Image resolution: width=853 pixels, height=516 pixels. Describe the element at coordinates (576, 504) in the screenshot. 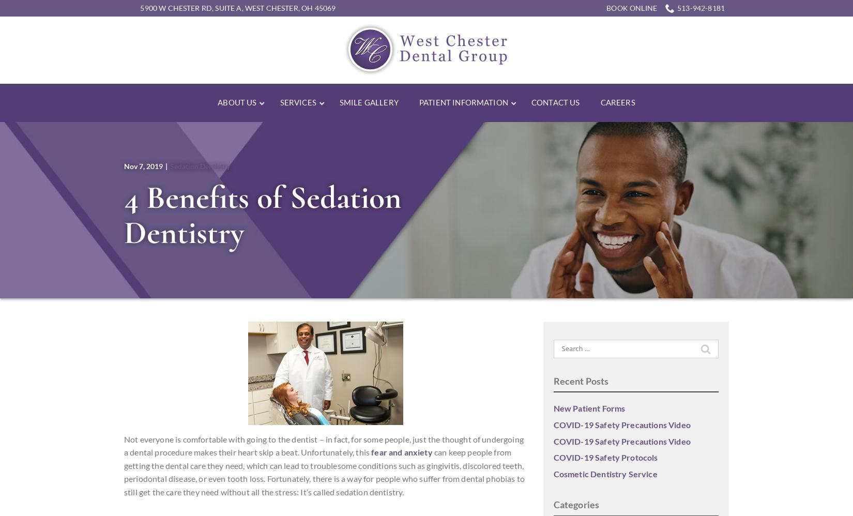

I see `'Categories'` at that location.